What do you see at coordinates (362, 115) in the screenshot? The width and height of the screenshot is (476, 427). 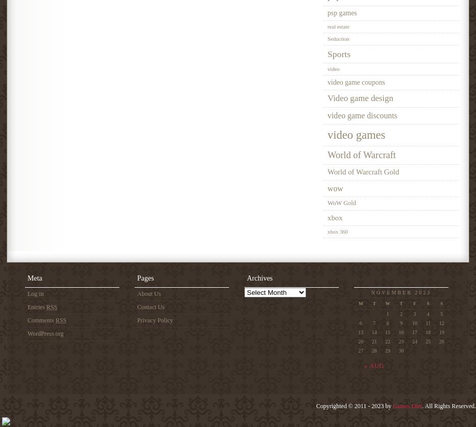 I see `'video game discounts'` at bounding box center [362, 115].